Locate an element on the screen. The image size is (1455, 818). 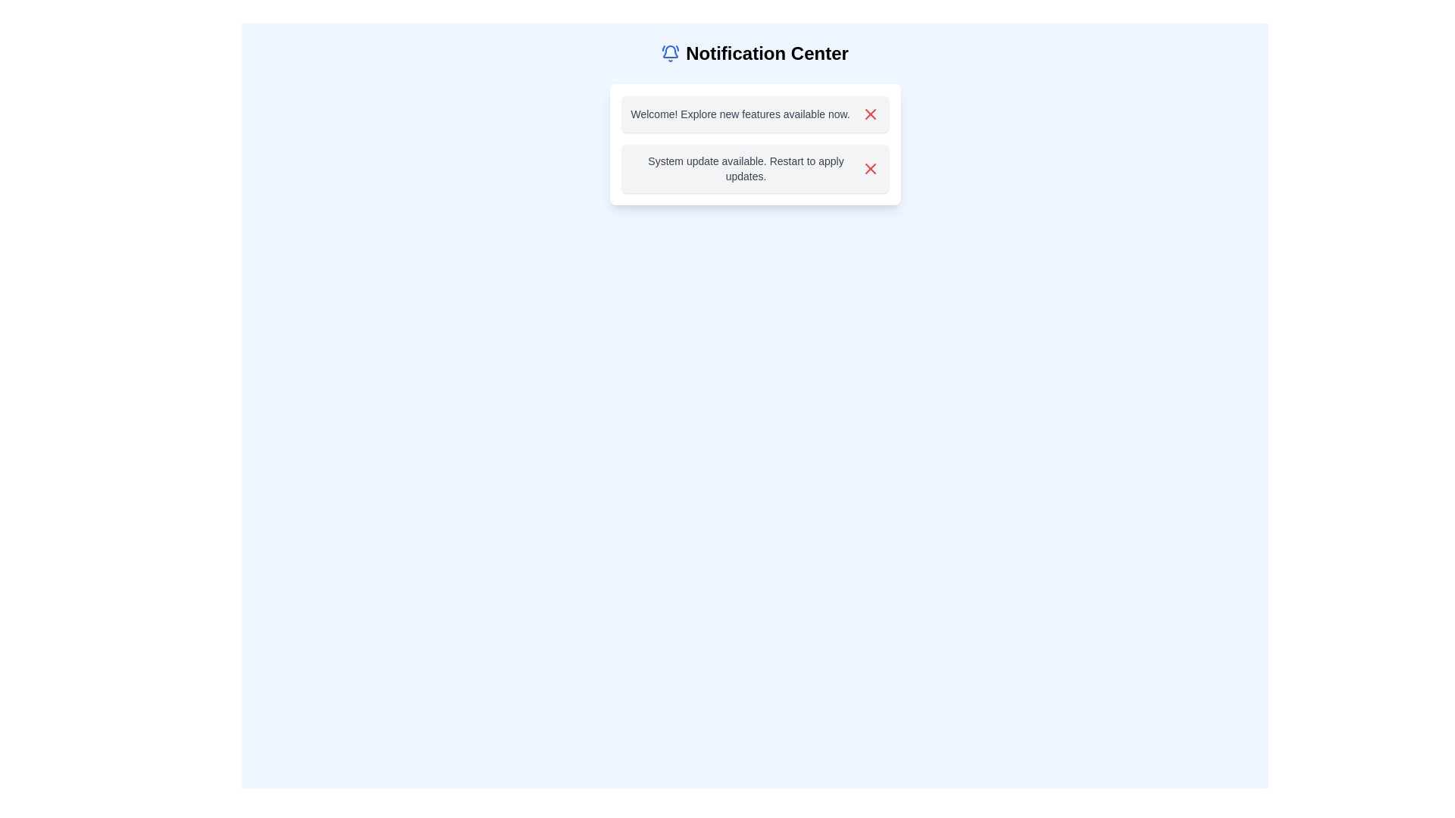
the curved line element resembling the lower perimeter of a notification bell icon, located at the top of the interface in the 'Notification Center' section is located at coordinates (670, 51).